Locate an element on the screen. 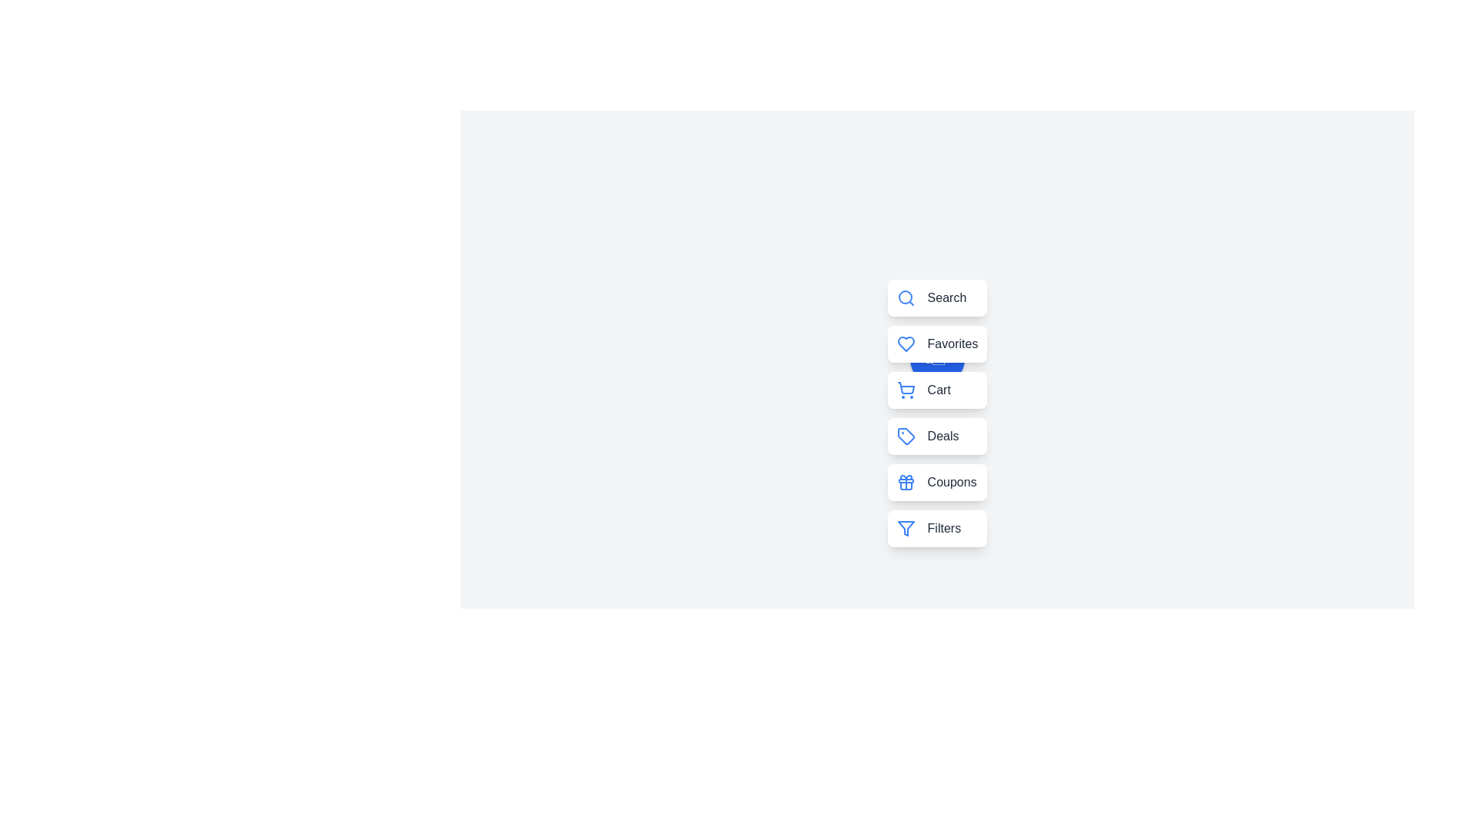 This screenshot has height=830, width=1476. the heart-shaped icon with a blue outline and white fill labeled 'Favorites' in the second position of the vertical menu is located at coordinates (906, 343).